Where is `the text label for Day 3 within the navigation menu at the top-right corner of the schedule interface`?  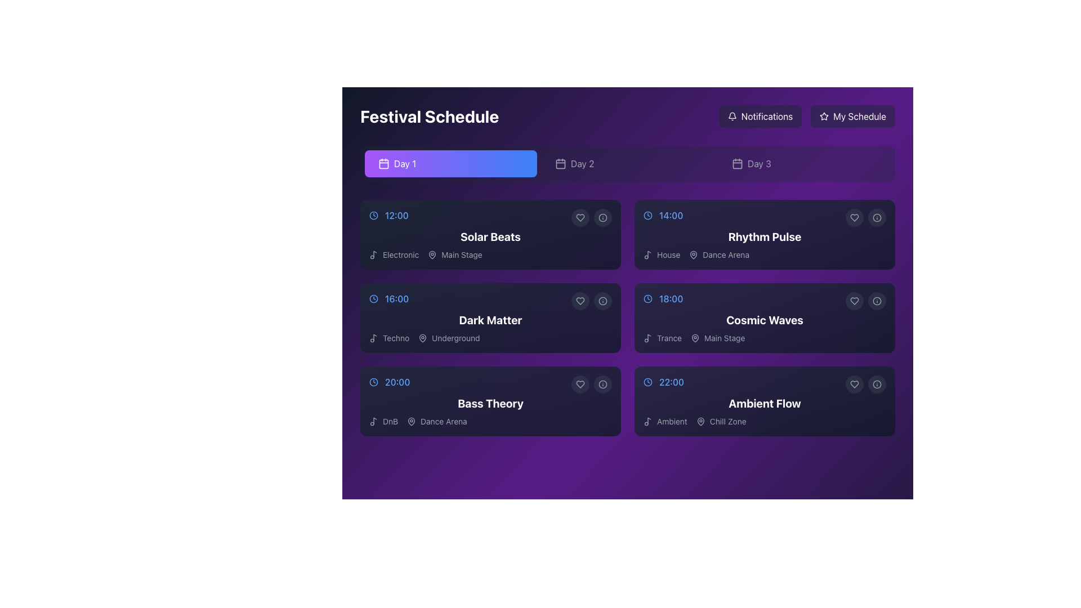 the text label for Day 3 within the navigation menu at the top-right corner of the schedule interface is located at coordinates (759, 163).